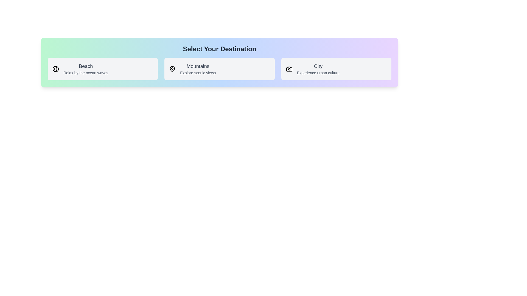  I want to click on the text label displaying 'Relax by the ocean waves', located below the 'Beach' title within the 'Beach' card, so click(85, 73).